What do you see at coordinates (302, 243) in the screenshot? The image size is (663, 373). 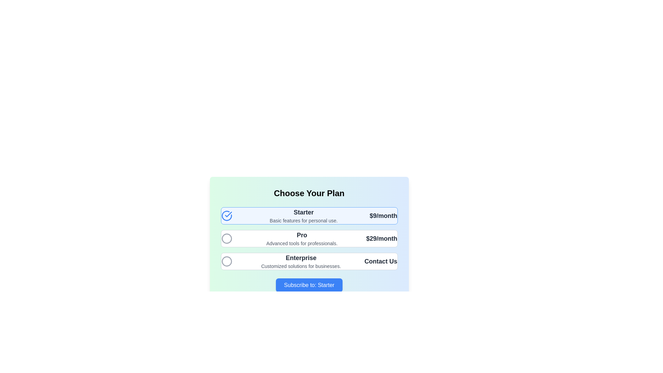 I see `the text element displaying 'Advanced tools for professionals.' located beneath the bold title 'Pro' within the 'Pro' plan option block` at bounding box center [302, 243].